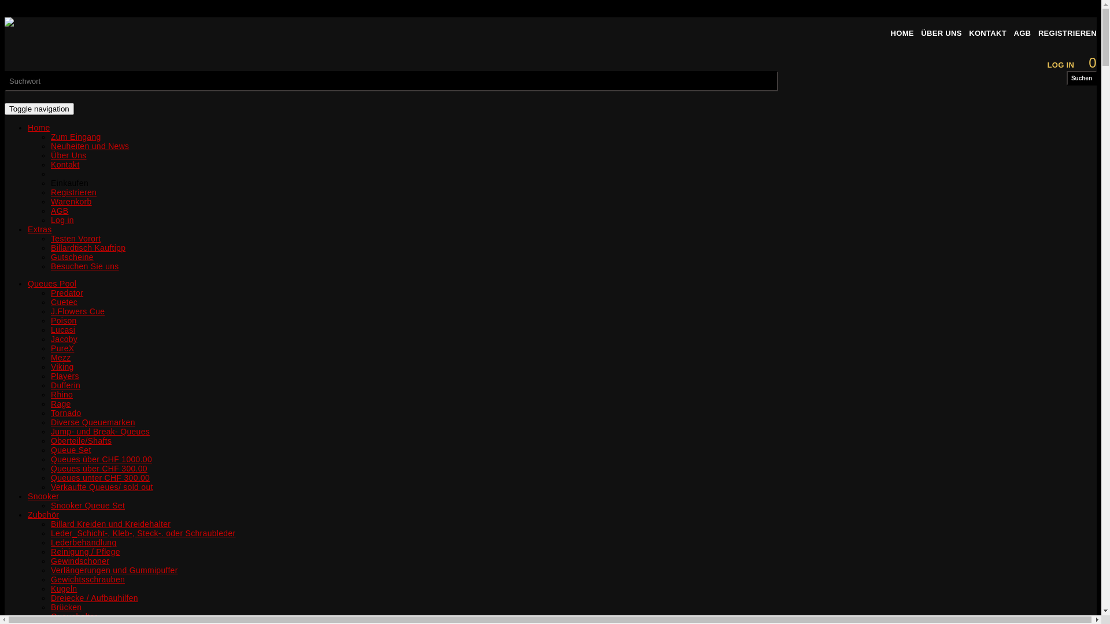 The height and width of the screenshot is (624, 1110). I want to click on 'Tornado', so click(65, 412).